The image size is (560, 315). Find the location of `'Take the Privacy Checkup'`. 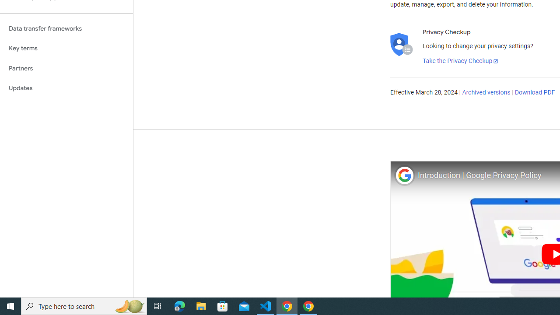

'Take the Privacy Checkup' is located at coordinates (460, 61).